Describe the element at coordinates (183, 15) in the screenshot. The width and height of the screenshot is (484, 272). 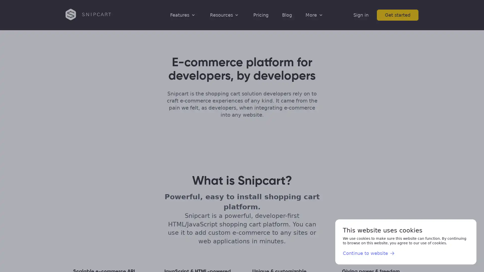
I see `Features` at that location.